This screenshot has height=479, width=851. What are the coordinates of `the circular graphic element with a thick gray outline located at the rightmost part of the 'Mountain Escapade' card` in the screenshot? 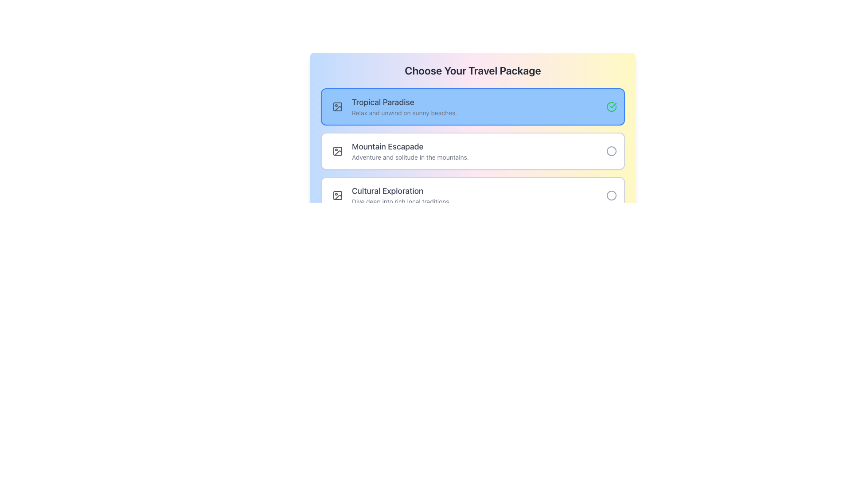 It's located at (611, 150).